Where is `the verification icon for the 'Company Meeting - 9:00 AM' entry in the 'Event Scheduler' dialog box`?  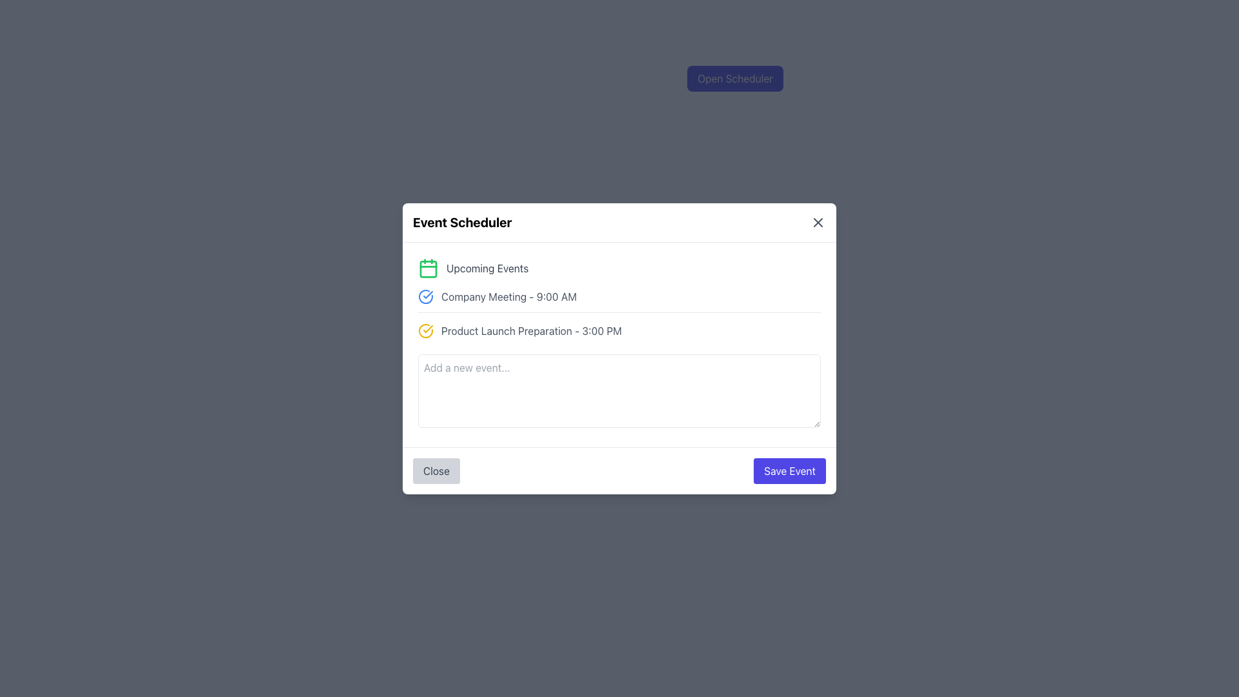 the verification icon for the 'Company Meeting - 9:00 AM' entry in the 'Event Scheduler' dialog box is located at coordinates (426, 296).